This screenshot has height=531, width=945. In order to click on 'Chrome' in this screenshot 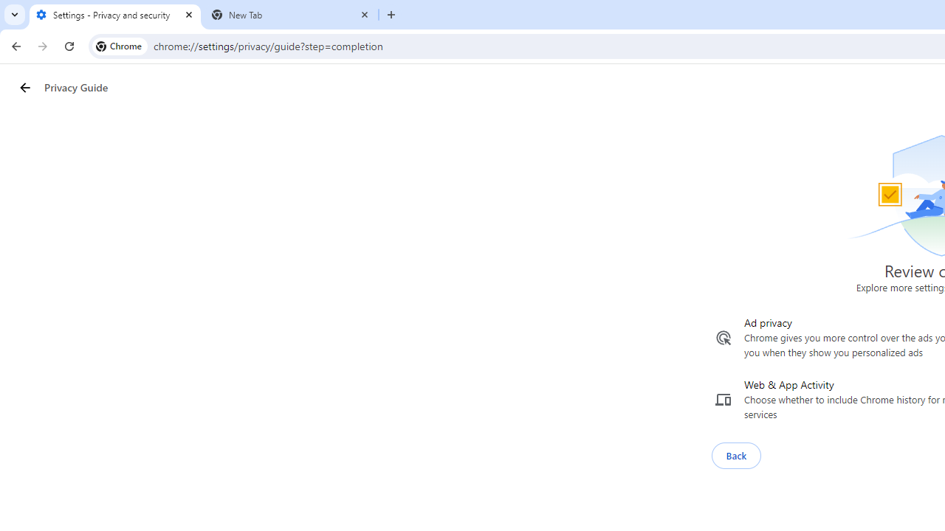, I will do `click(120, 45)`.